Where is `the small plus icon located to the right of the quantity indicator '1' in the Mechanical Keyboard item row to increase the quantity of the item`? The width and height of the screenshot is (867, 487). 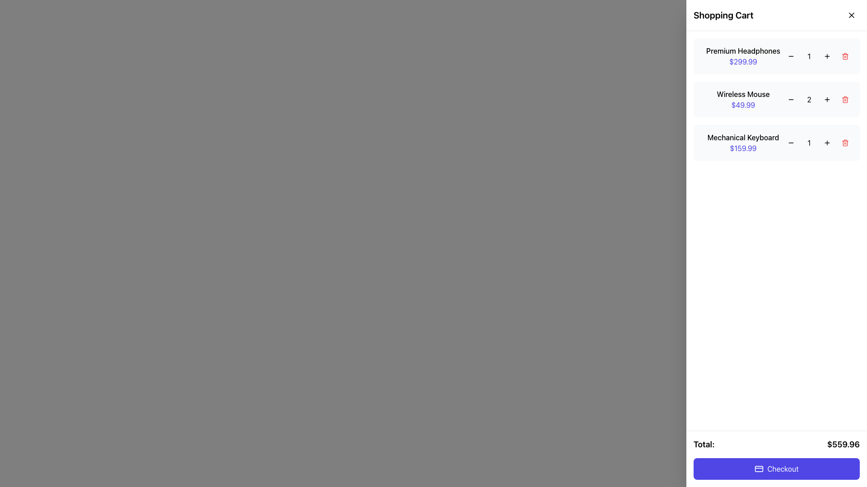 the small plus icon located to the right of the quantity indicator '1' in the Mechanical Keyboard item row to increase the quantity of the item is located at coordinates (827, 142).